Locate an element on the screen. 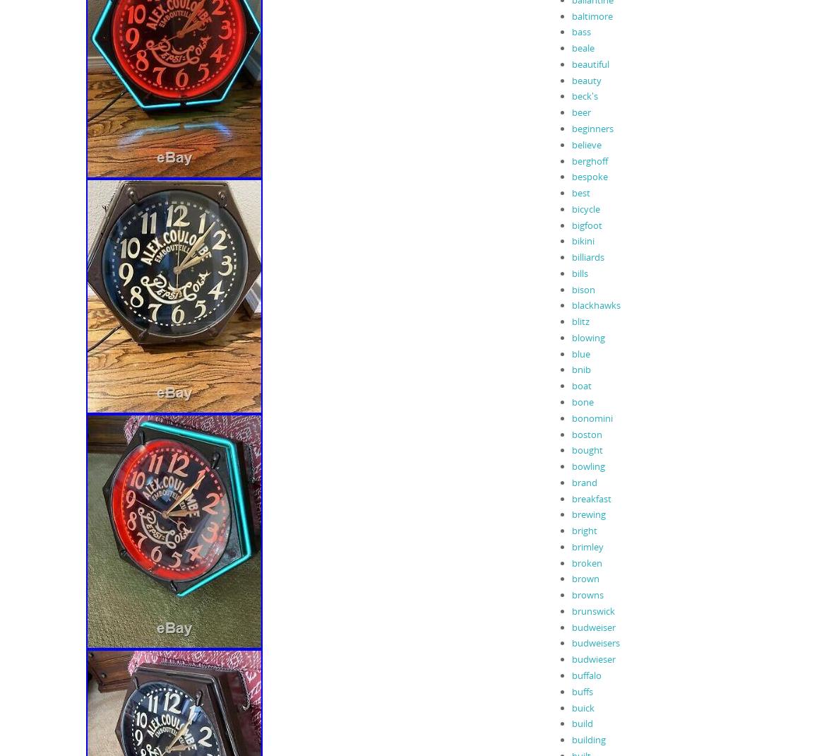 This screenshot has height=756, width=836. 'beck's' is located at coordinates (584, 95).